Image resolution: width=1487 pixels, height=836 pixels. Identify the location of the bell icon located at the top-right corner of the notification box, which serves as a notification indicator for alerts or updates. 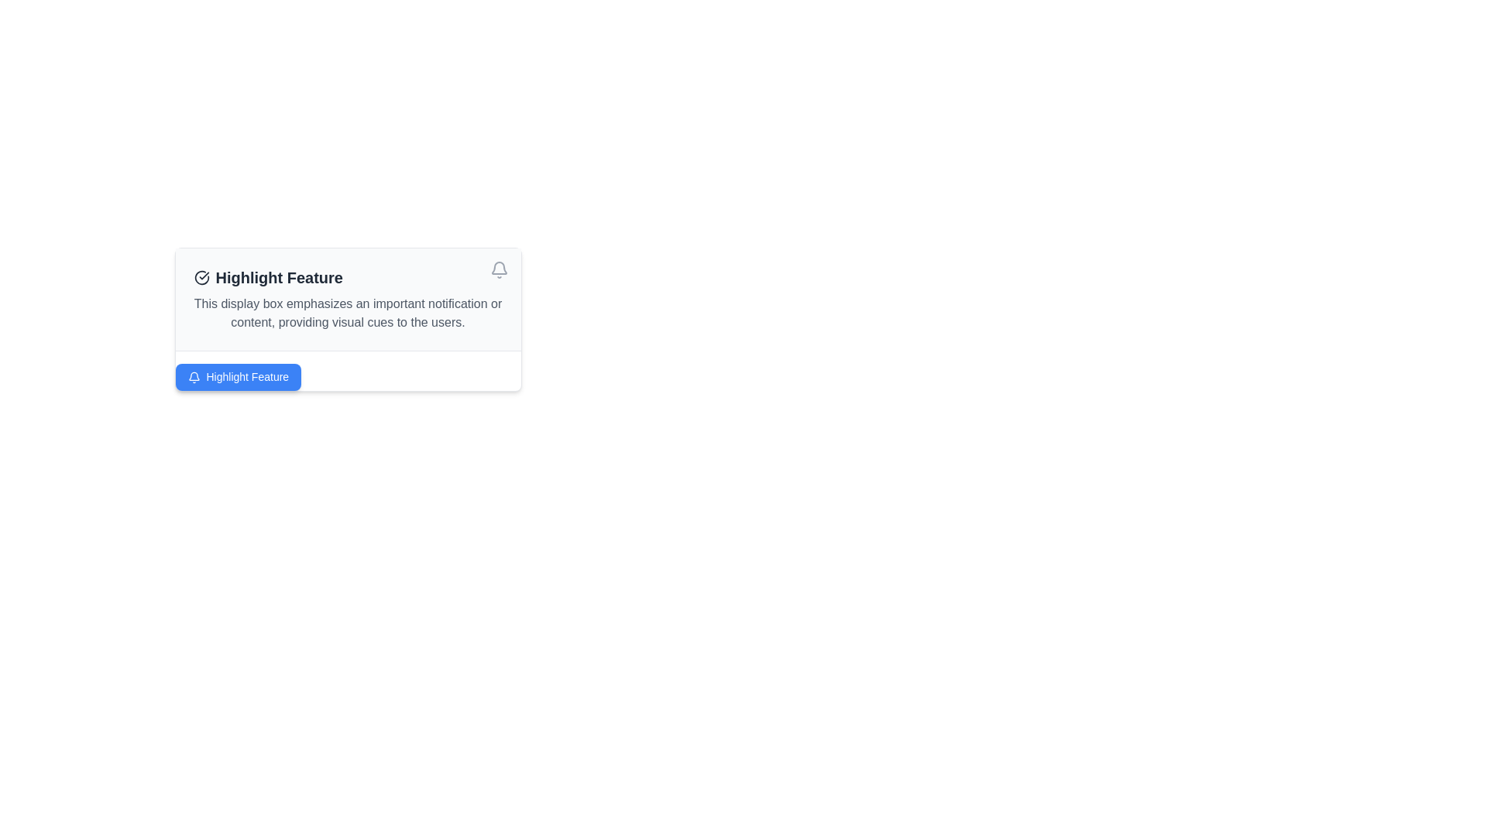
(499, 269).